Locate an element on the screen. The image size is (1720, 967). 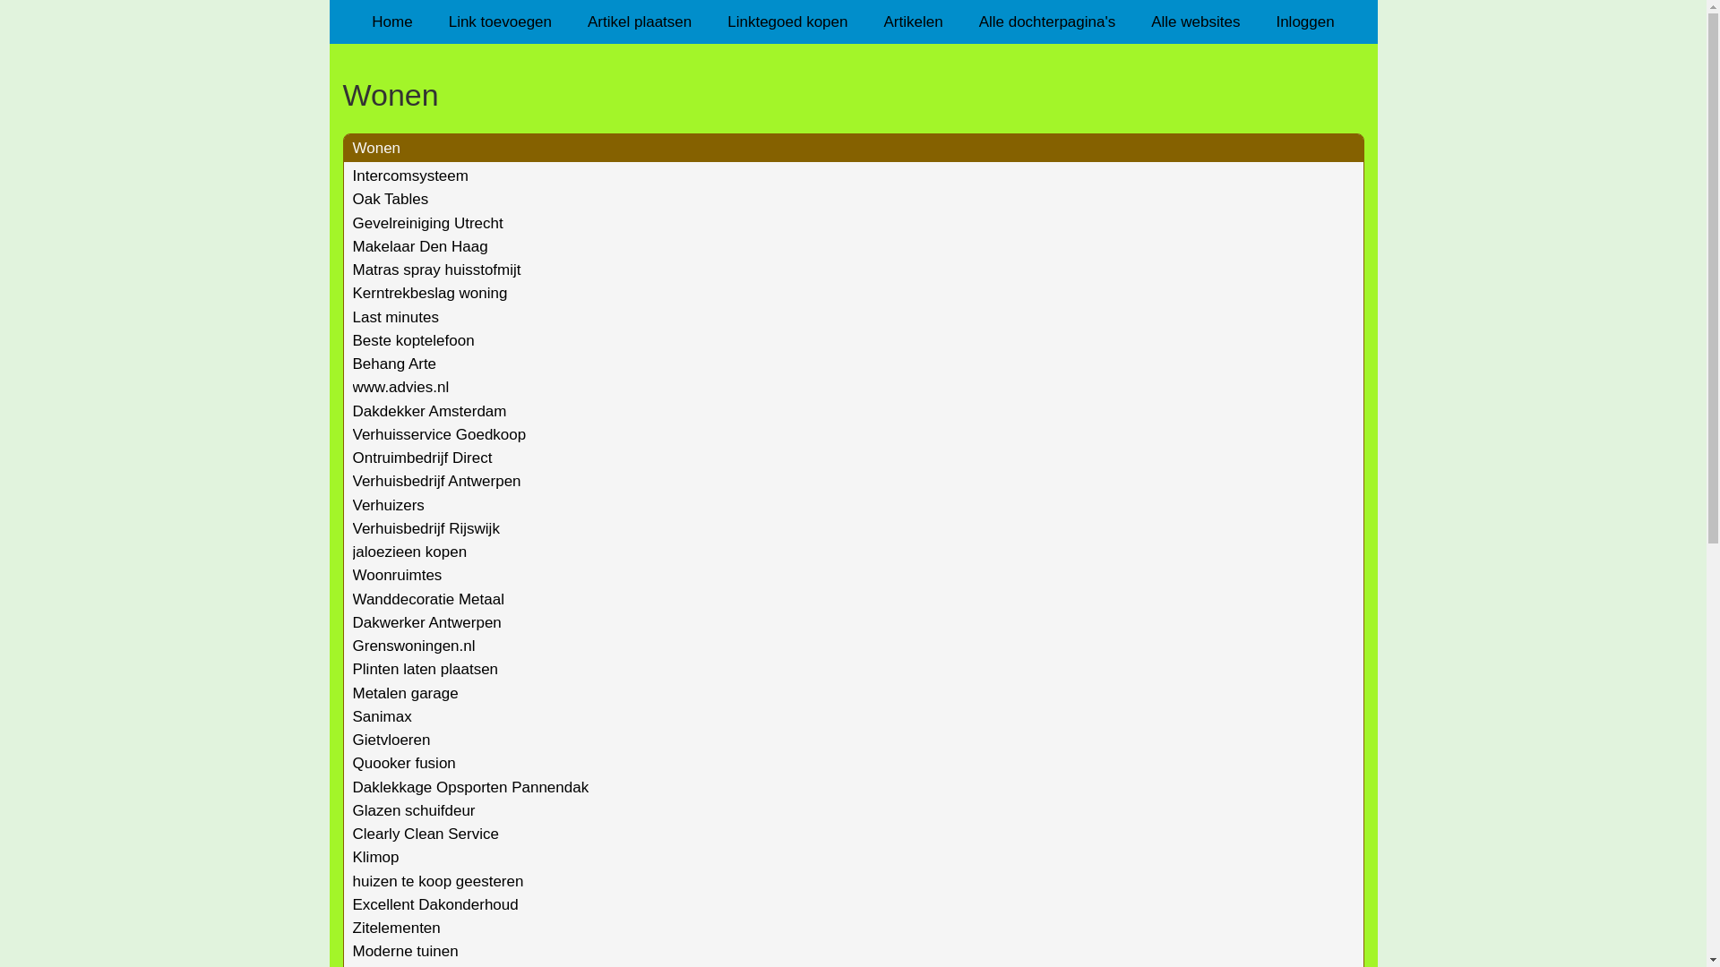
'Zitelementen' is located at coordinates (395, 927).